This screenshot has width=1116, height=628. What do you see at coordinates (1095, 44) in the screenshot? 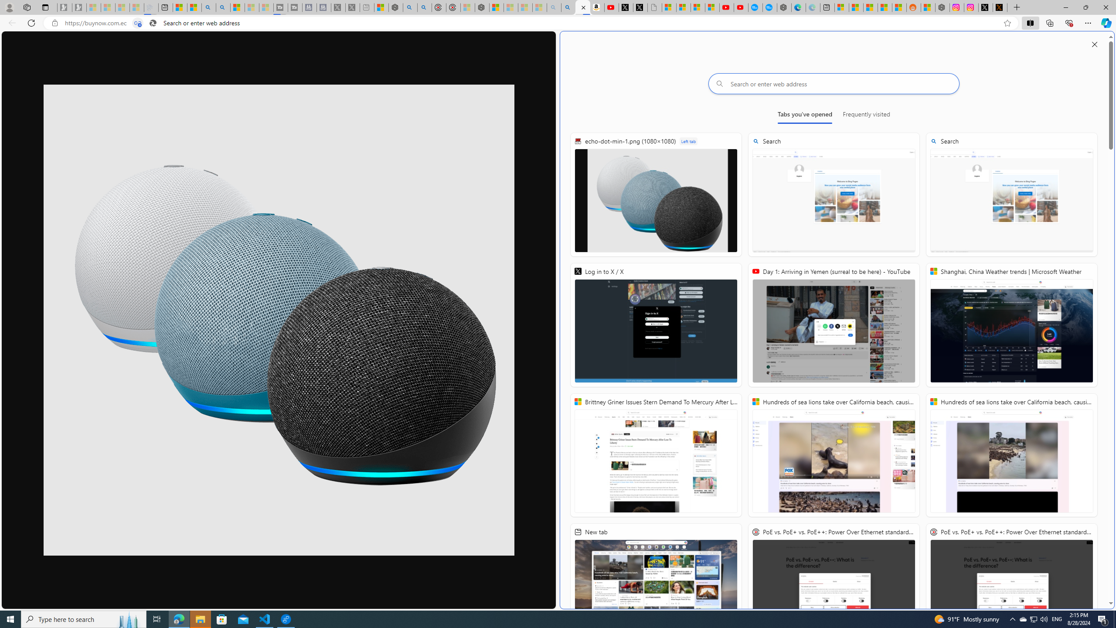
I see `'Close split screen'` at bounding box center [1095, 44].